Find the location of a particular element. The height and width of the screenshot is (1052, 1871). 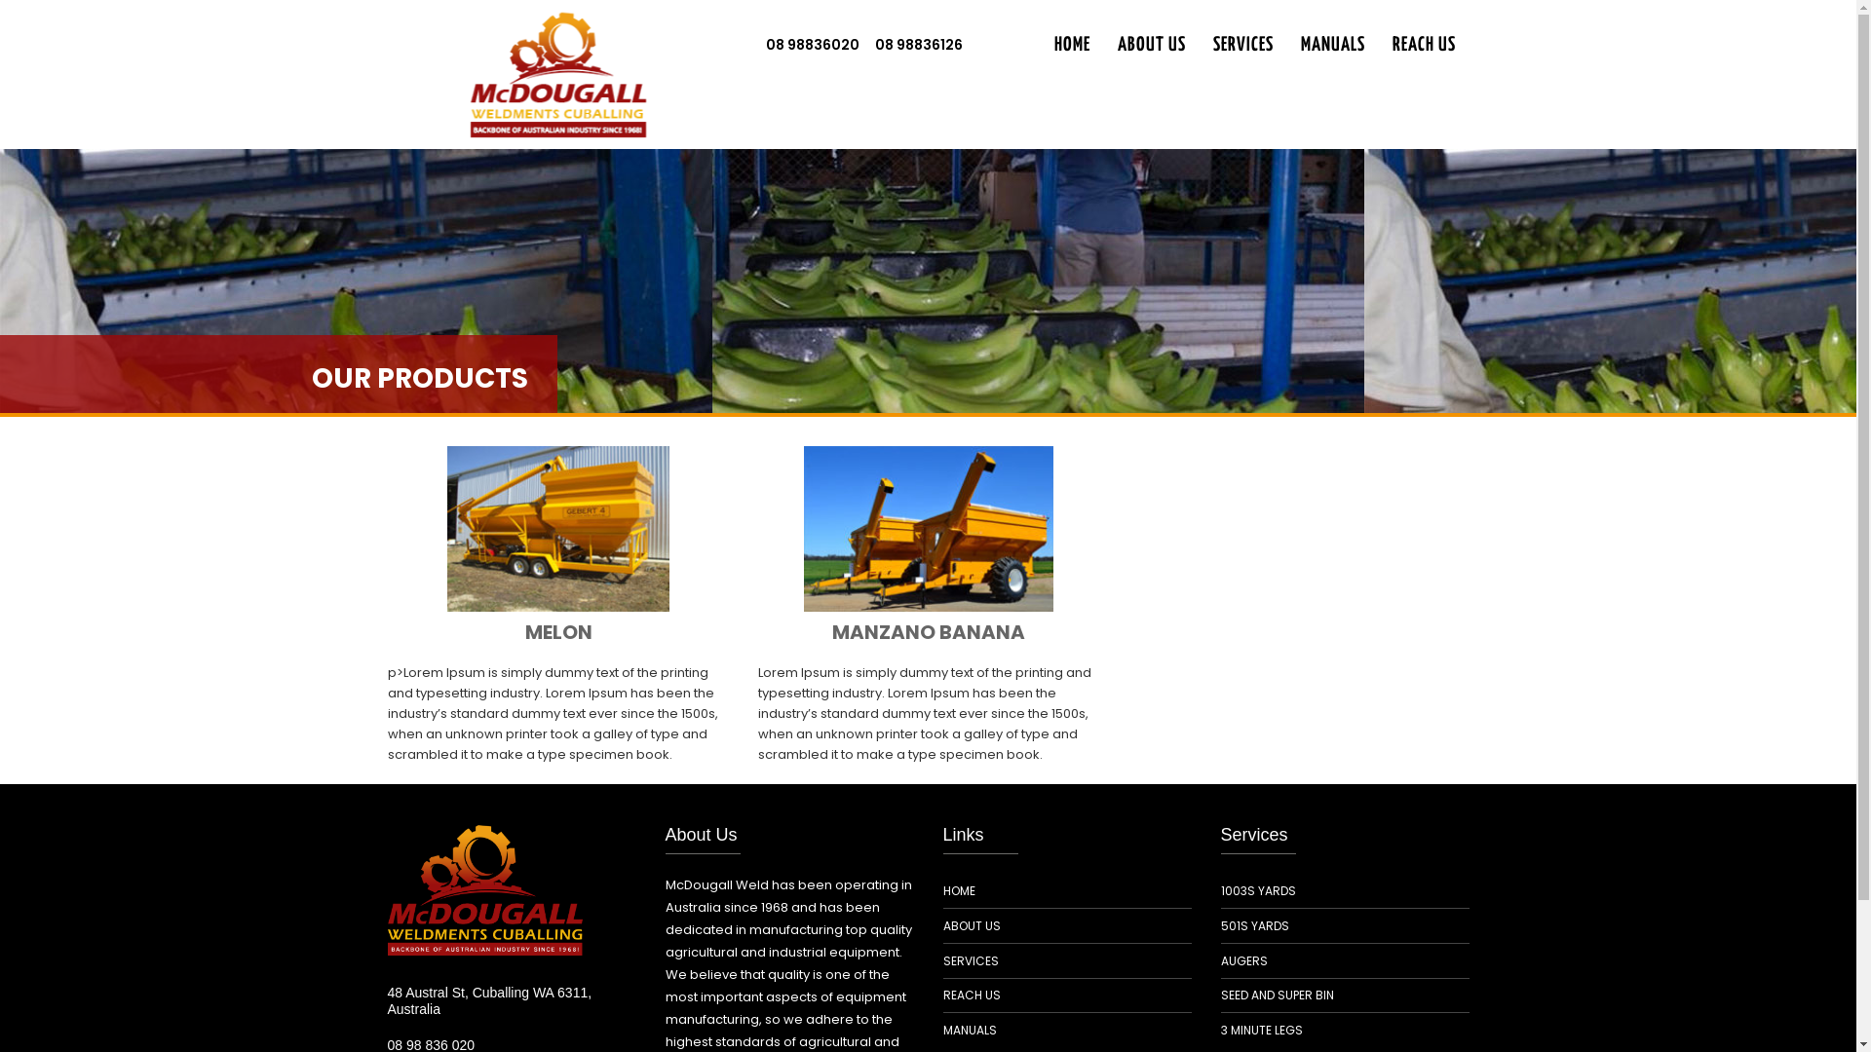

'501S YARDS' is located at coordinates (1219, 925).